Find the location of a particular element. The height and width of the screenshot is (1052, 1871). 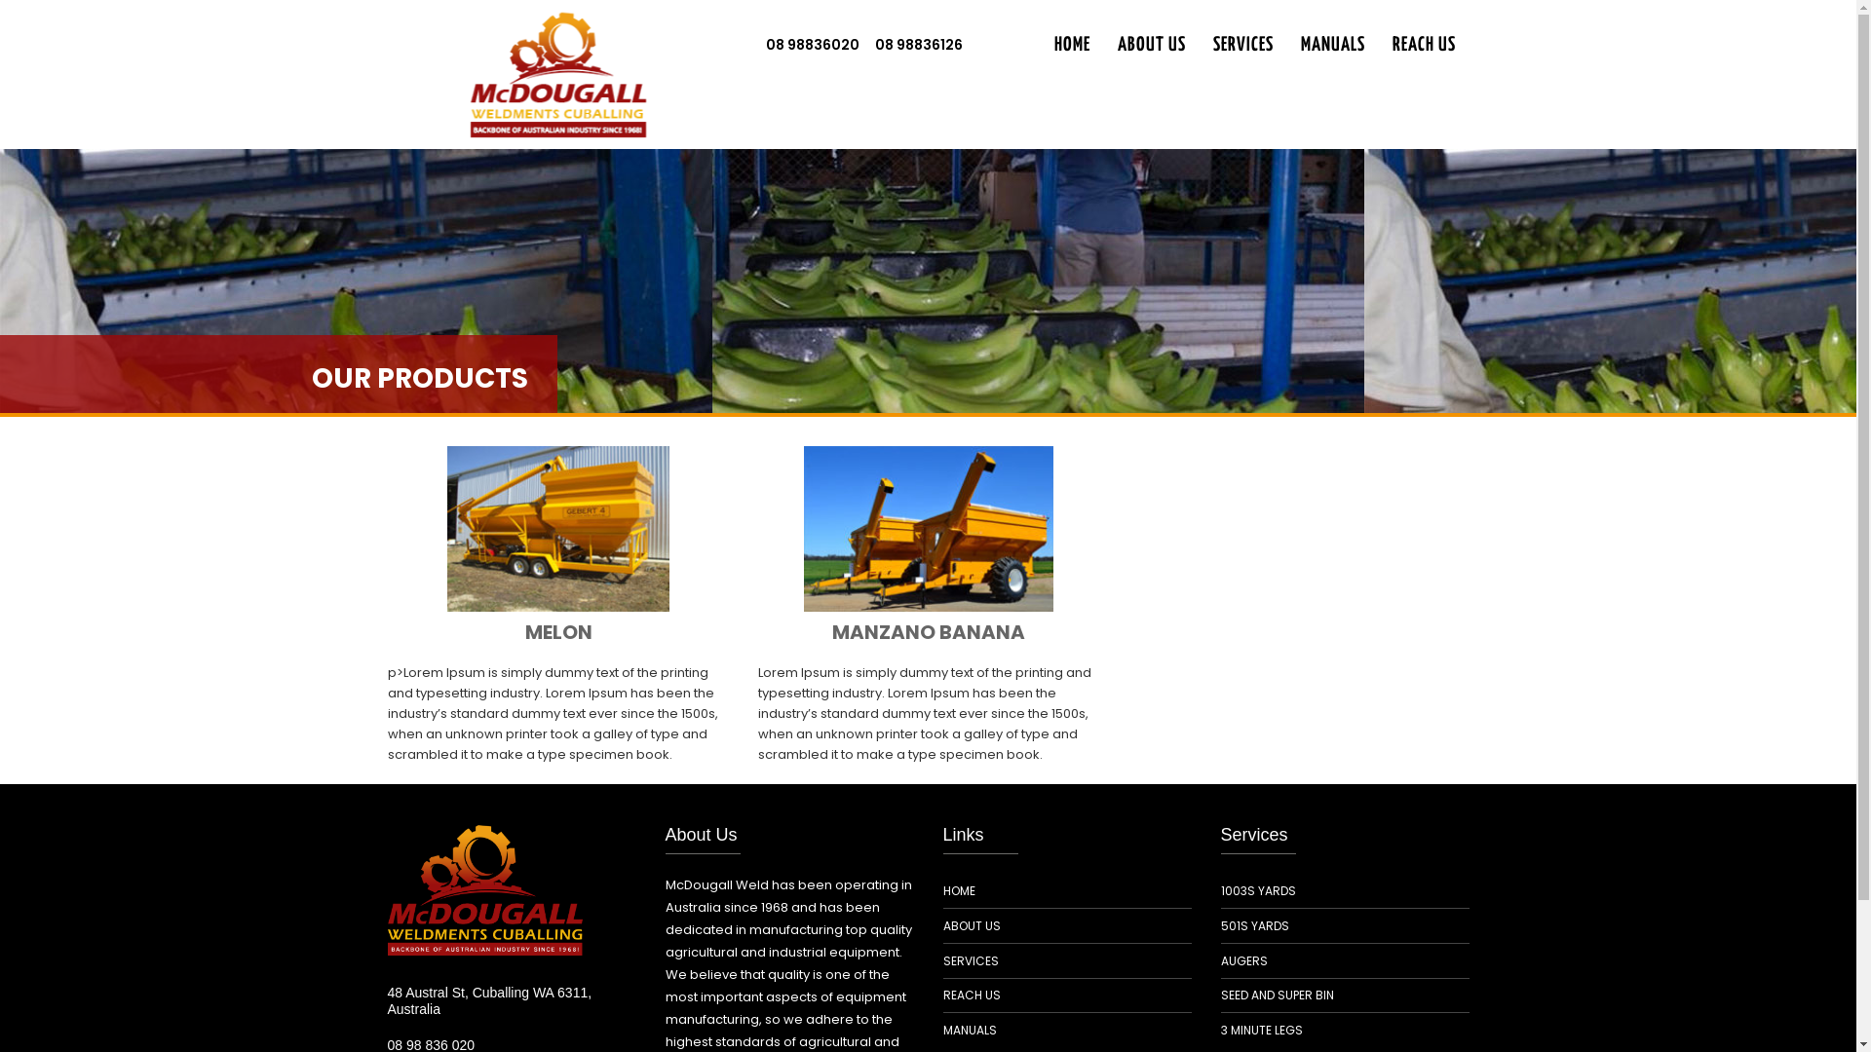

'501S YARDS' is located at coordinates (1219, 925).